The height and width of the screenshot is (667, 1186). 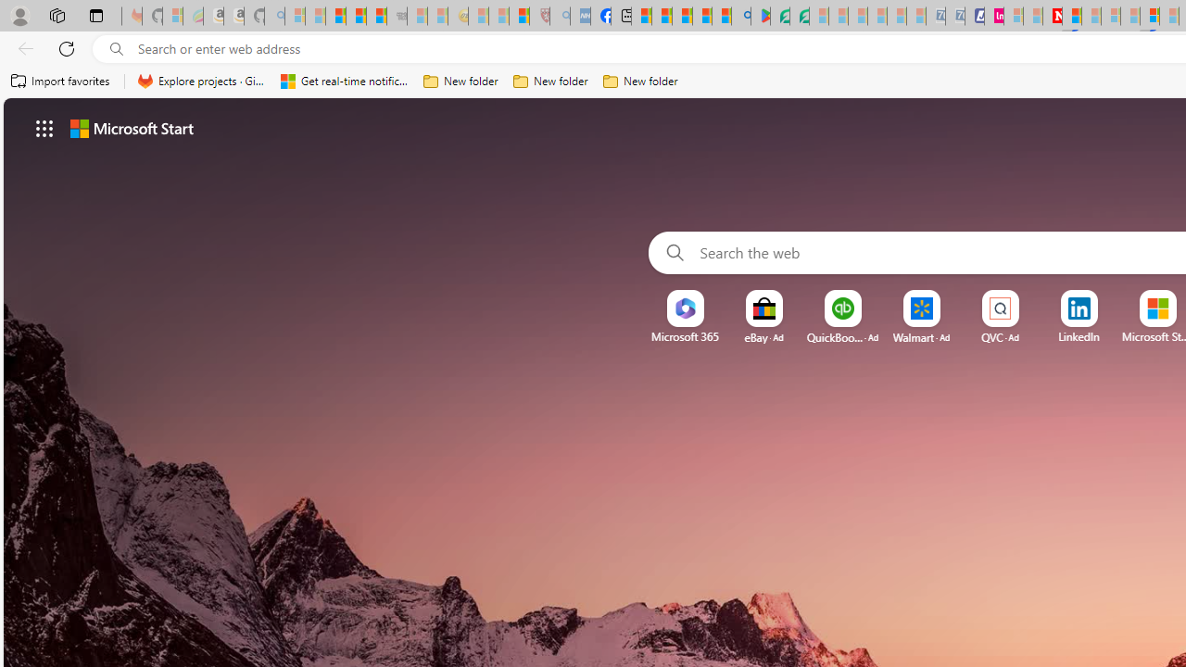 I want to click on 'New folder', so click(x=640, y=81).